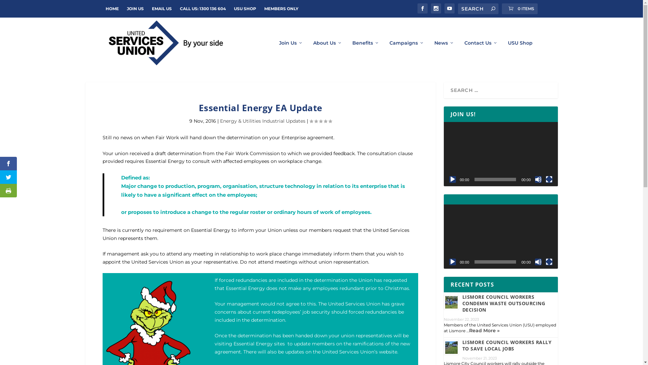 The image size is (648, 365). Describe the element at coordinates (434, 54) in the screenshot. I see `'News'` at that location.